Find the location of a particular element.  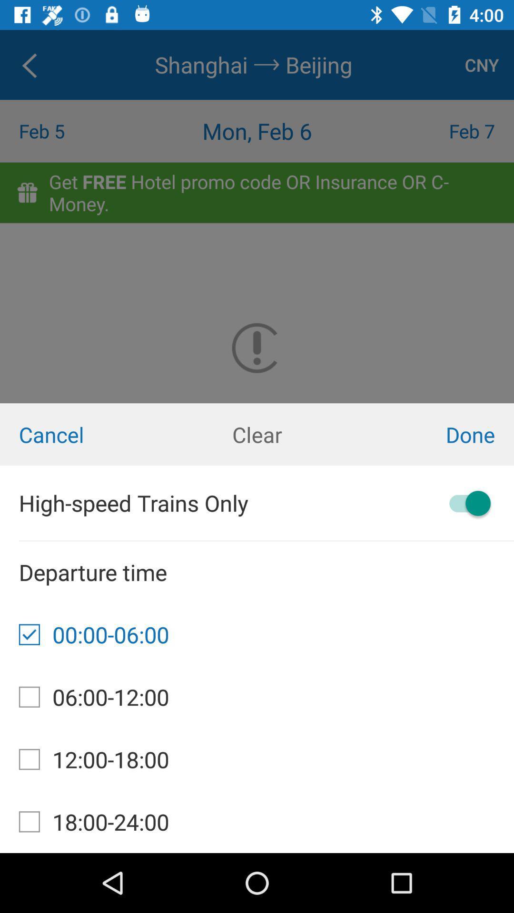

preference button is located at coordinates (465, 503).